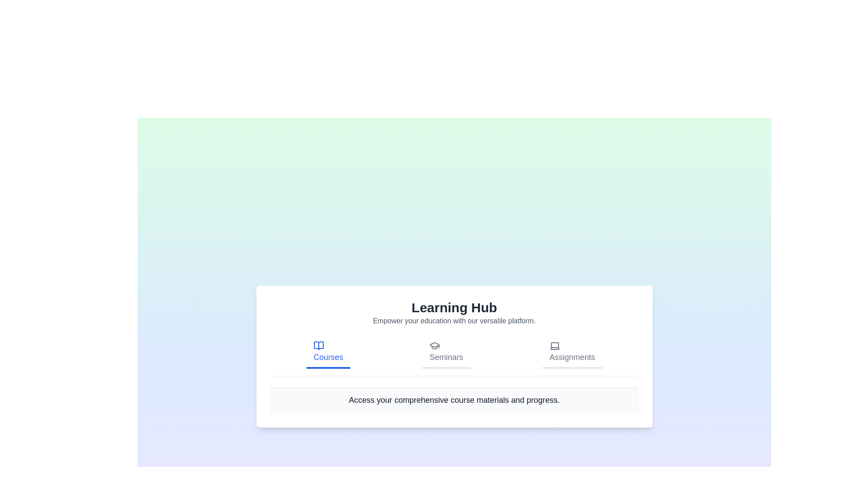  Describe the element at coordinates (446, 356) in the screenshot. I see `the text label 'Seminars' which is styled in medium-sized gray font and is part of the navigation options, located below a graduation cap icon` at that location.